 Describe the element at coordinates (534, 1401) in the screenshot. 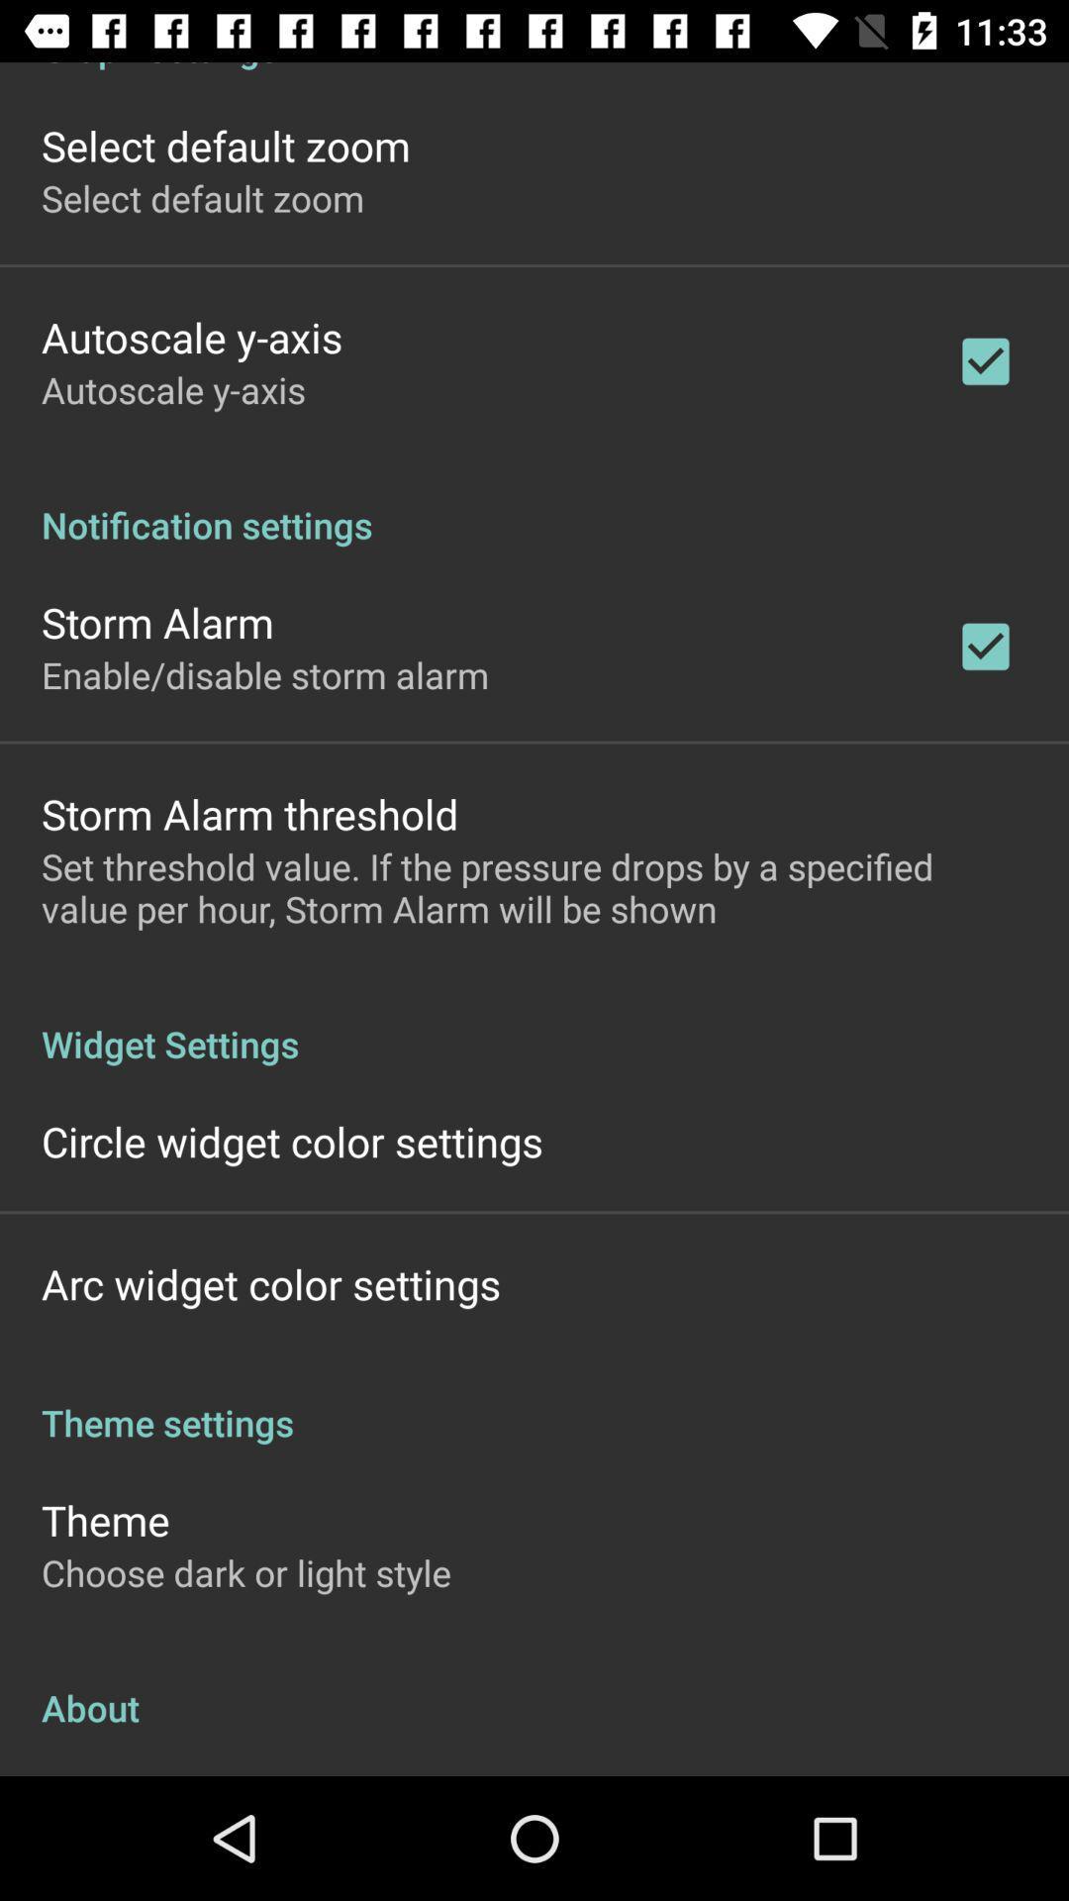

I see `the icon below the arc widget color app` at that location.